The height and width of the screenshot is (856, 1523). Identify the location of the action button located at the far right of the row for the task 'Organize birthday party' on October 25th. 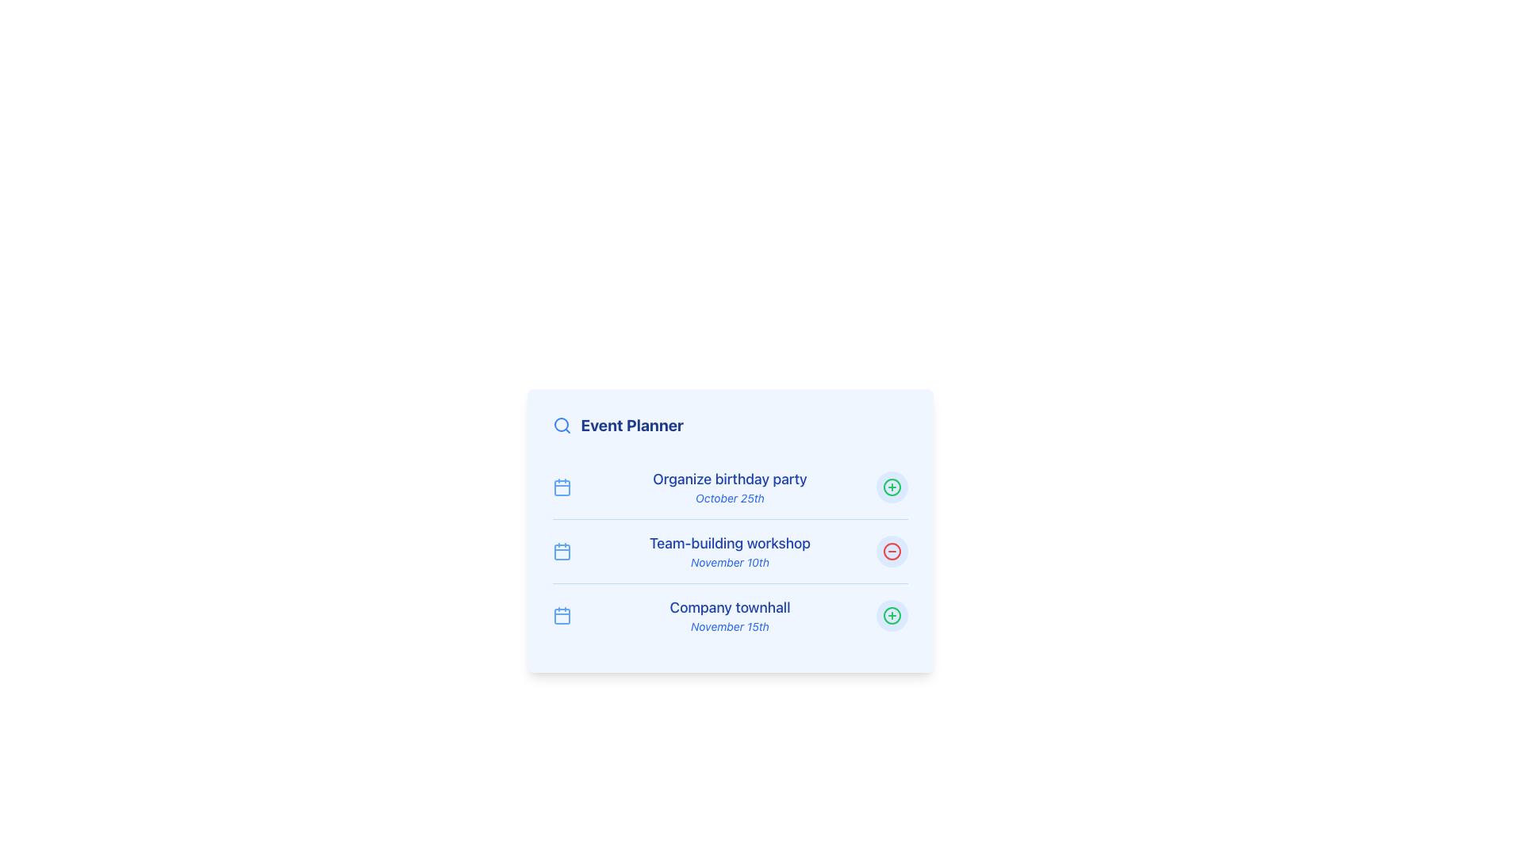
(892, 486).